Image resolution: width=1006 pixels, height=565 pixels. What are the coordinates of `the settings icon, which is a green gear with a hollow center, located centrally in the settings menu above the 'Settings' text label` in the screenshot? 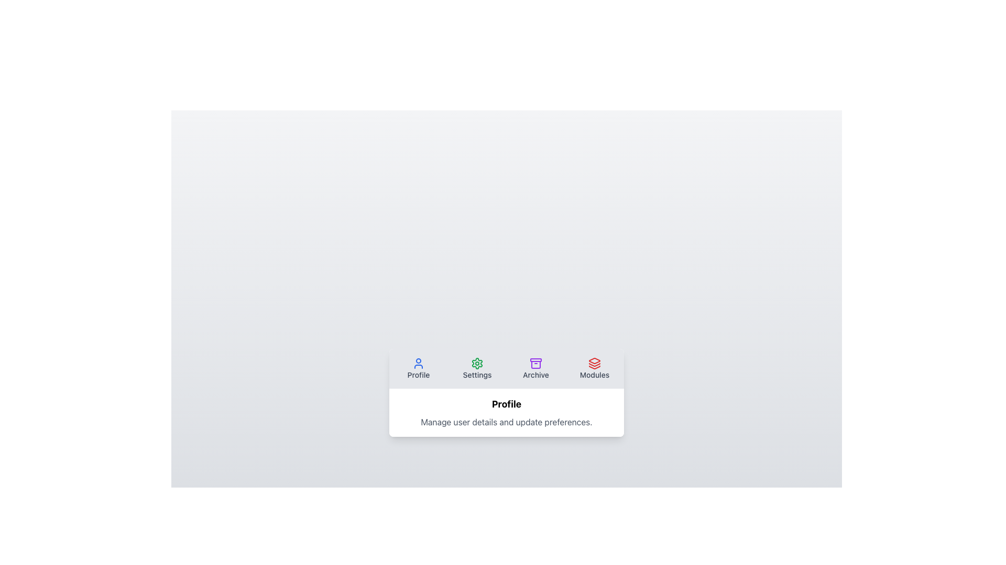 It's located at (477, 363).